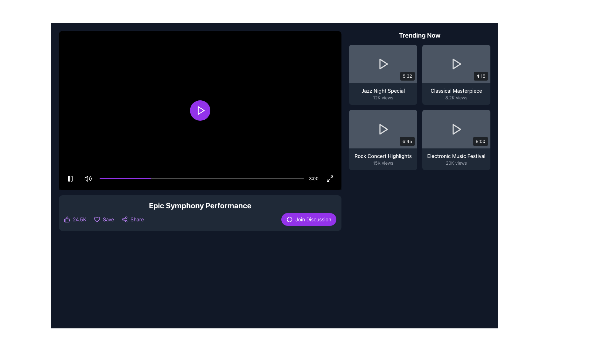  What do you see at coordinates (86, 178) in the screenshot?
I see `the speaker icon on the left side of the playback control bar` at bounding box center [86, 178].